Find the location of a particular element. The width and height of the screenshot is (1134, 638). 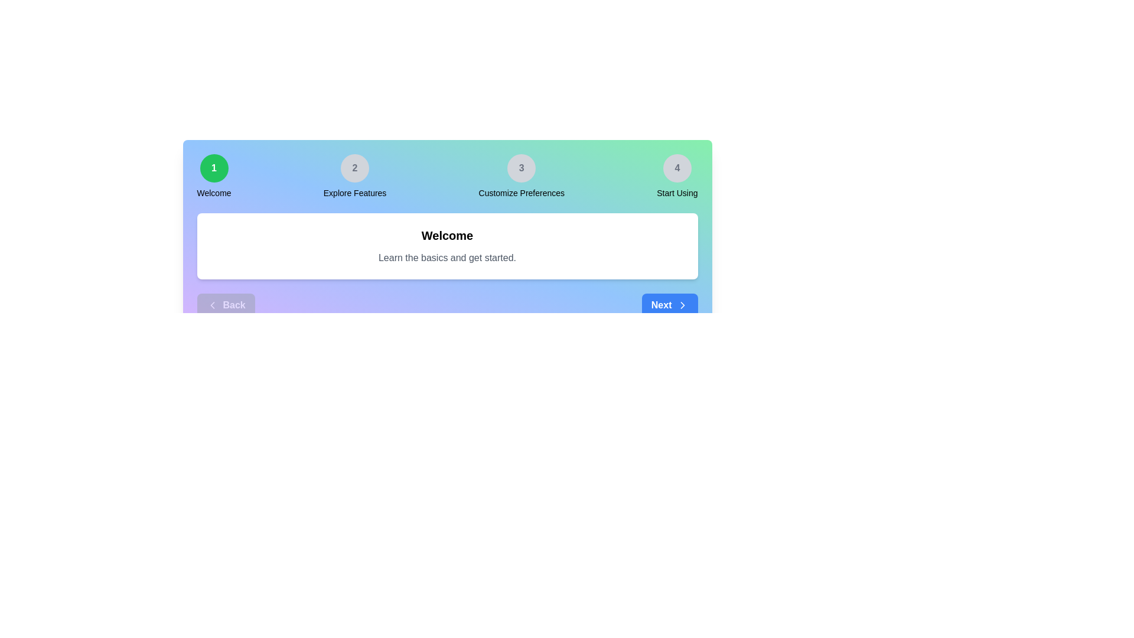

the progress indicator for step 1 to navigate to that step is located at coordinates (214, 168).